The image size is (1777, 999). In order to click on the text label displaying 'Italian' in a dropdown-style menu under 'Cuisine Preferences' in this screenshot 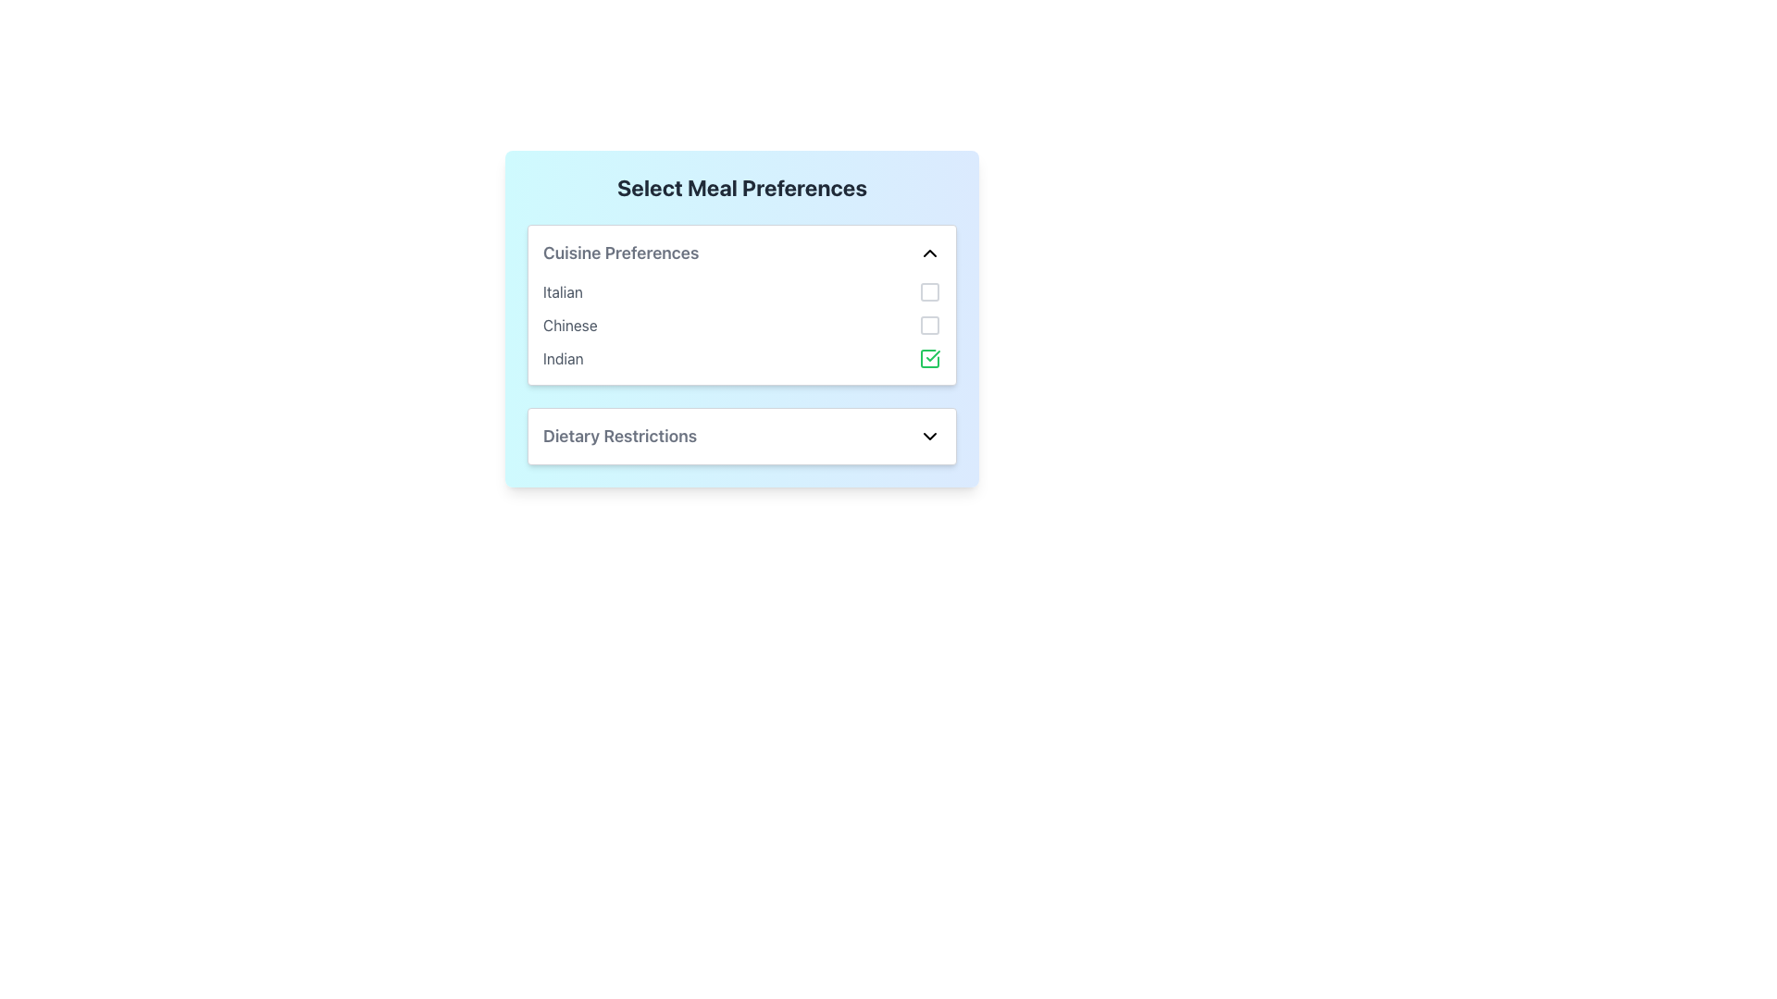, I will do `click(562, 291)`.